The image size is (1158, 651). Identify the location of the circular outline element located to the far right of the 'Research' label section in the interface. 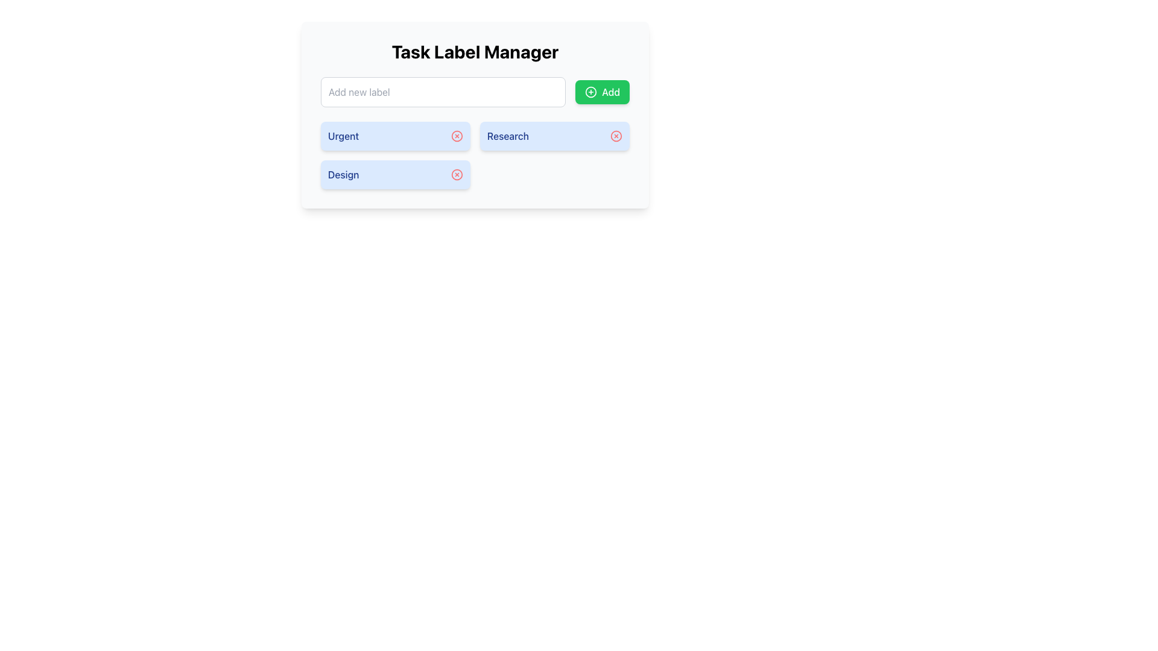
(616, 136).